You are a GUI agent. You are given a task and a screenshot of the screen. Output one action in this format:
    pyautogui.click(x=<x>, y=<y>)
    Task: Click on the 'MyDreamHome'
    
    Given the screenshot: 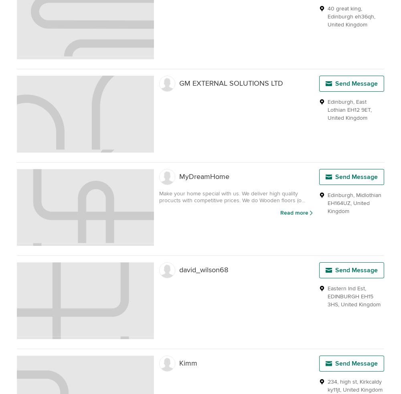 What is the action you would take?
    pyautogui.click(x=204, y=177)
    